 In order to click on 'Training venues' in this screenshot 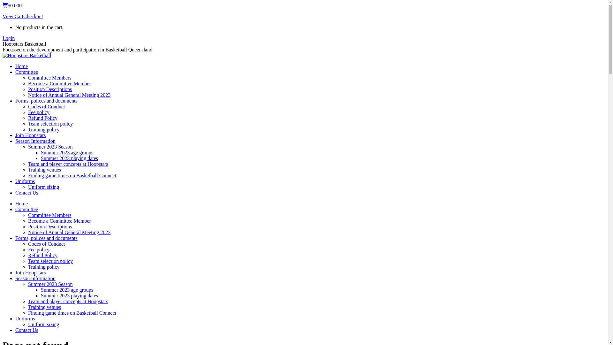, I will do `click(44, 307)`.